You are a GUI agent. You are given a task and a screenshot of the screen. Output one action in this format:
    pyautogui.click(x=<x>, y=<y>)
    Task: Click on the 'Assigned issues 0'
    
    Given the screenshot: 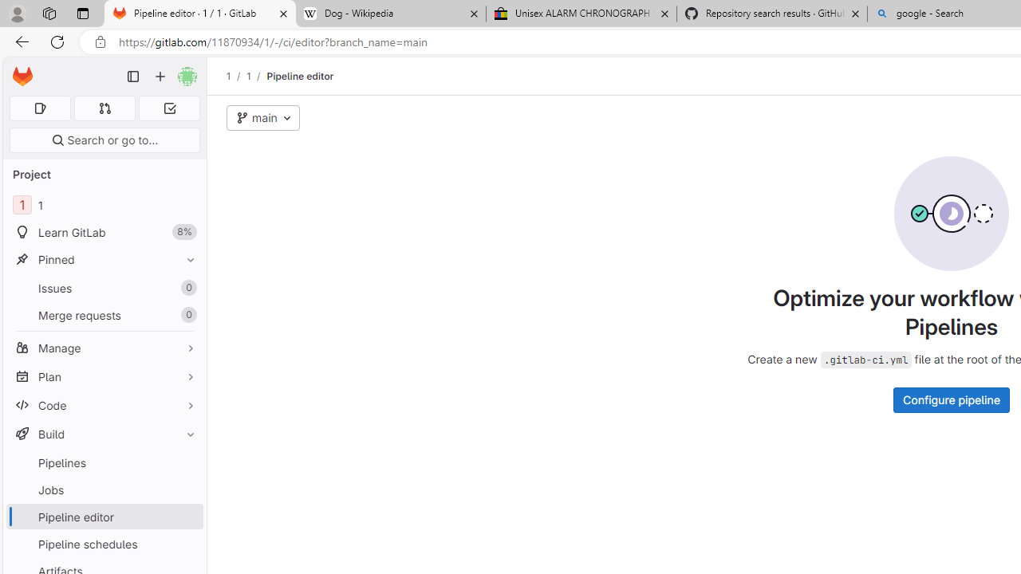 What is the action you would take?
    pyautogui.click(x=40, y=108)
    